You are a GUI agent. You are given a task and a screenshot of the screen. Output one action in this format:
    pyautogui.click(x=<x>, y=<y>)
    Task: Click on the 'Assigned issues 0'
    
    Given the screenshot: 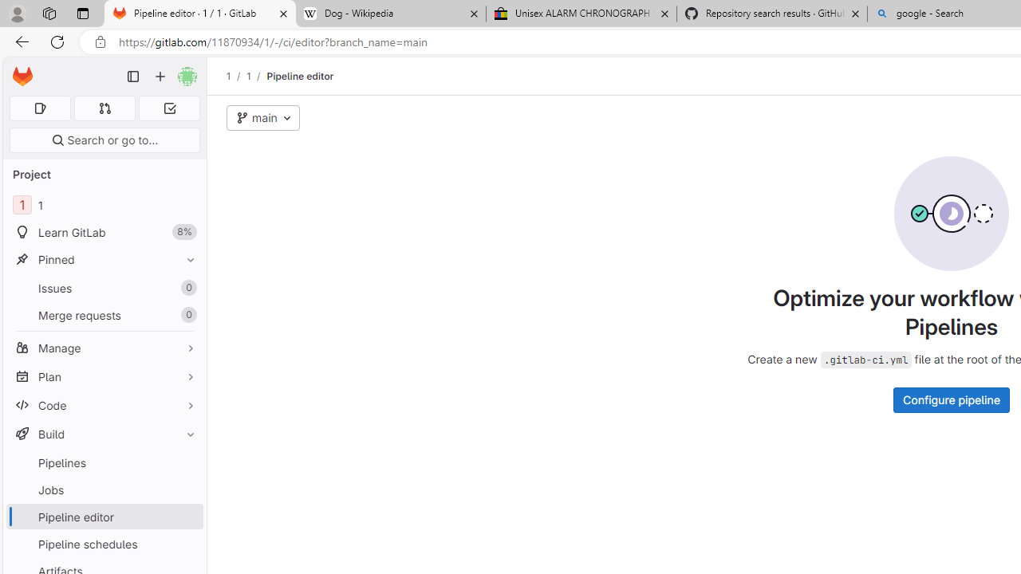 What is the action you would take?
    pyautogui.click(x=40, y=108)
    